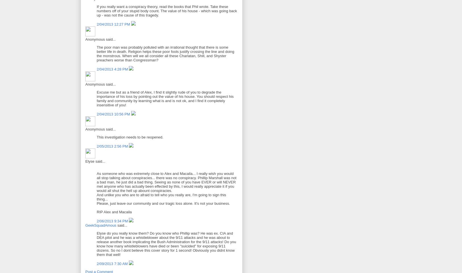 The image size is (462, 273). I want to click on 'Elyse do you really know them? Do you know who Phillip was? He was ex. CIA and DEA pilot and he was a whistleblower about the 9/11 attacks and he was about to release another book implicating the Bush Administration for the 9/11 attacks! Do you know how many whistleblowers have died or been "suicided" for exposing 9/11 dozens. So no I dont believe this cover story for 1 second! Obviously you didnt know them that well!', so click(97, 243).